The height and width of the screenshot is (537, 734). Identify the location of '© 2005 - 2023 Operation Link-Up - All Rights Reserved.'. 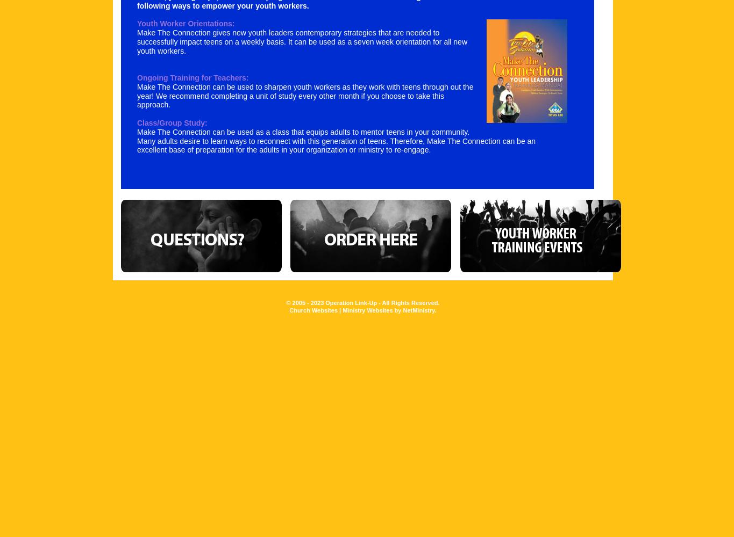
(285, 302).